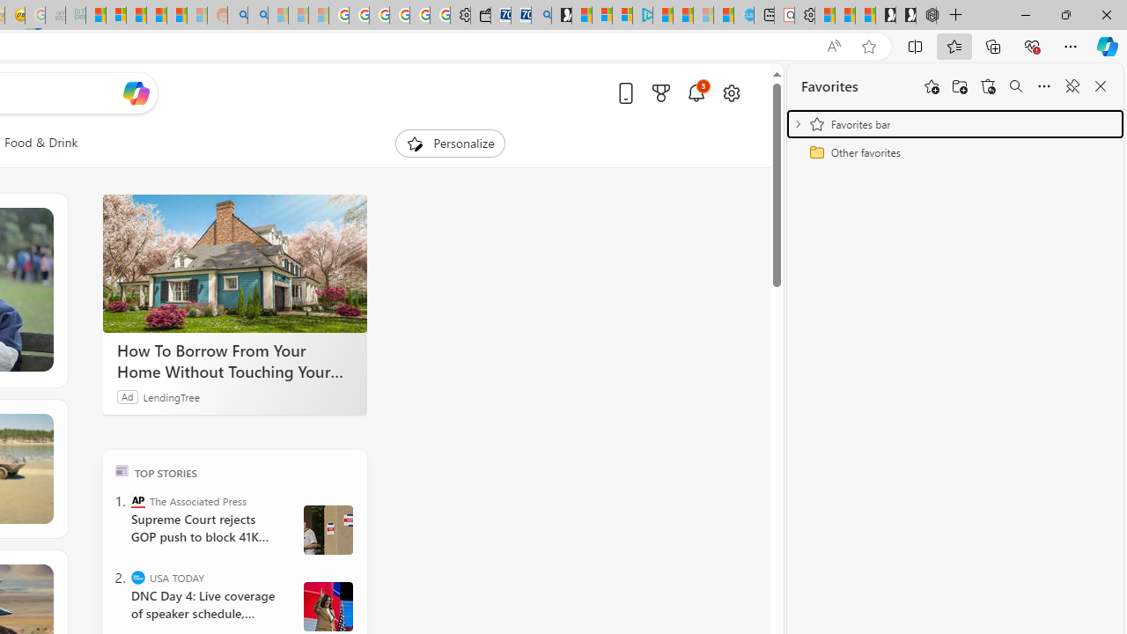 This screenshot has width=1127, height=634. Describe the element at coordinates (703, 15) in the screenshot. I see `'Microsoft Start - Sleeping'` at that location.